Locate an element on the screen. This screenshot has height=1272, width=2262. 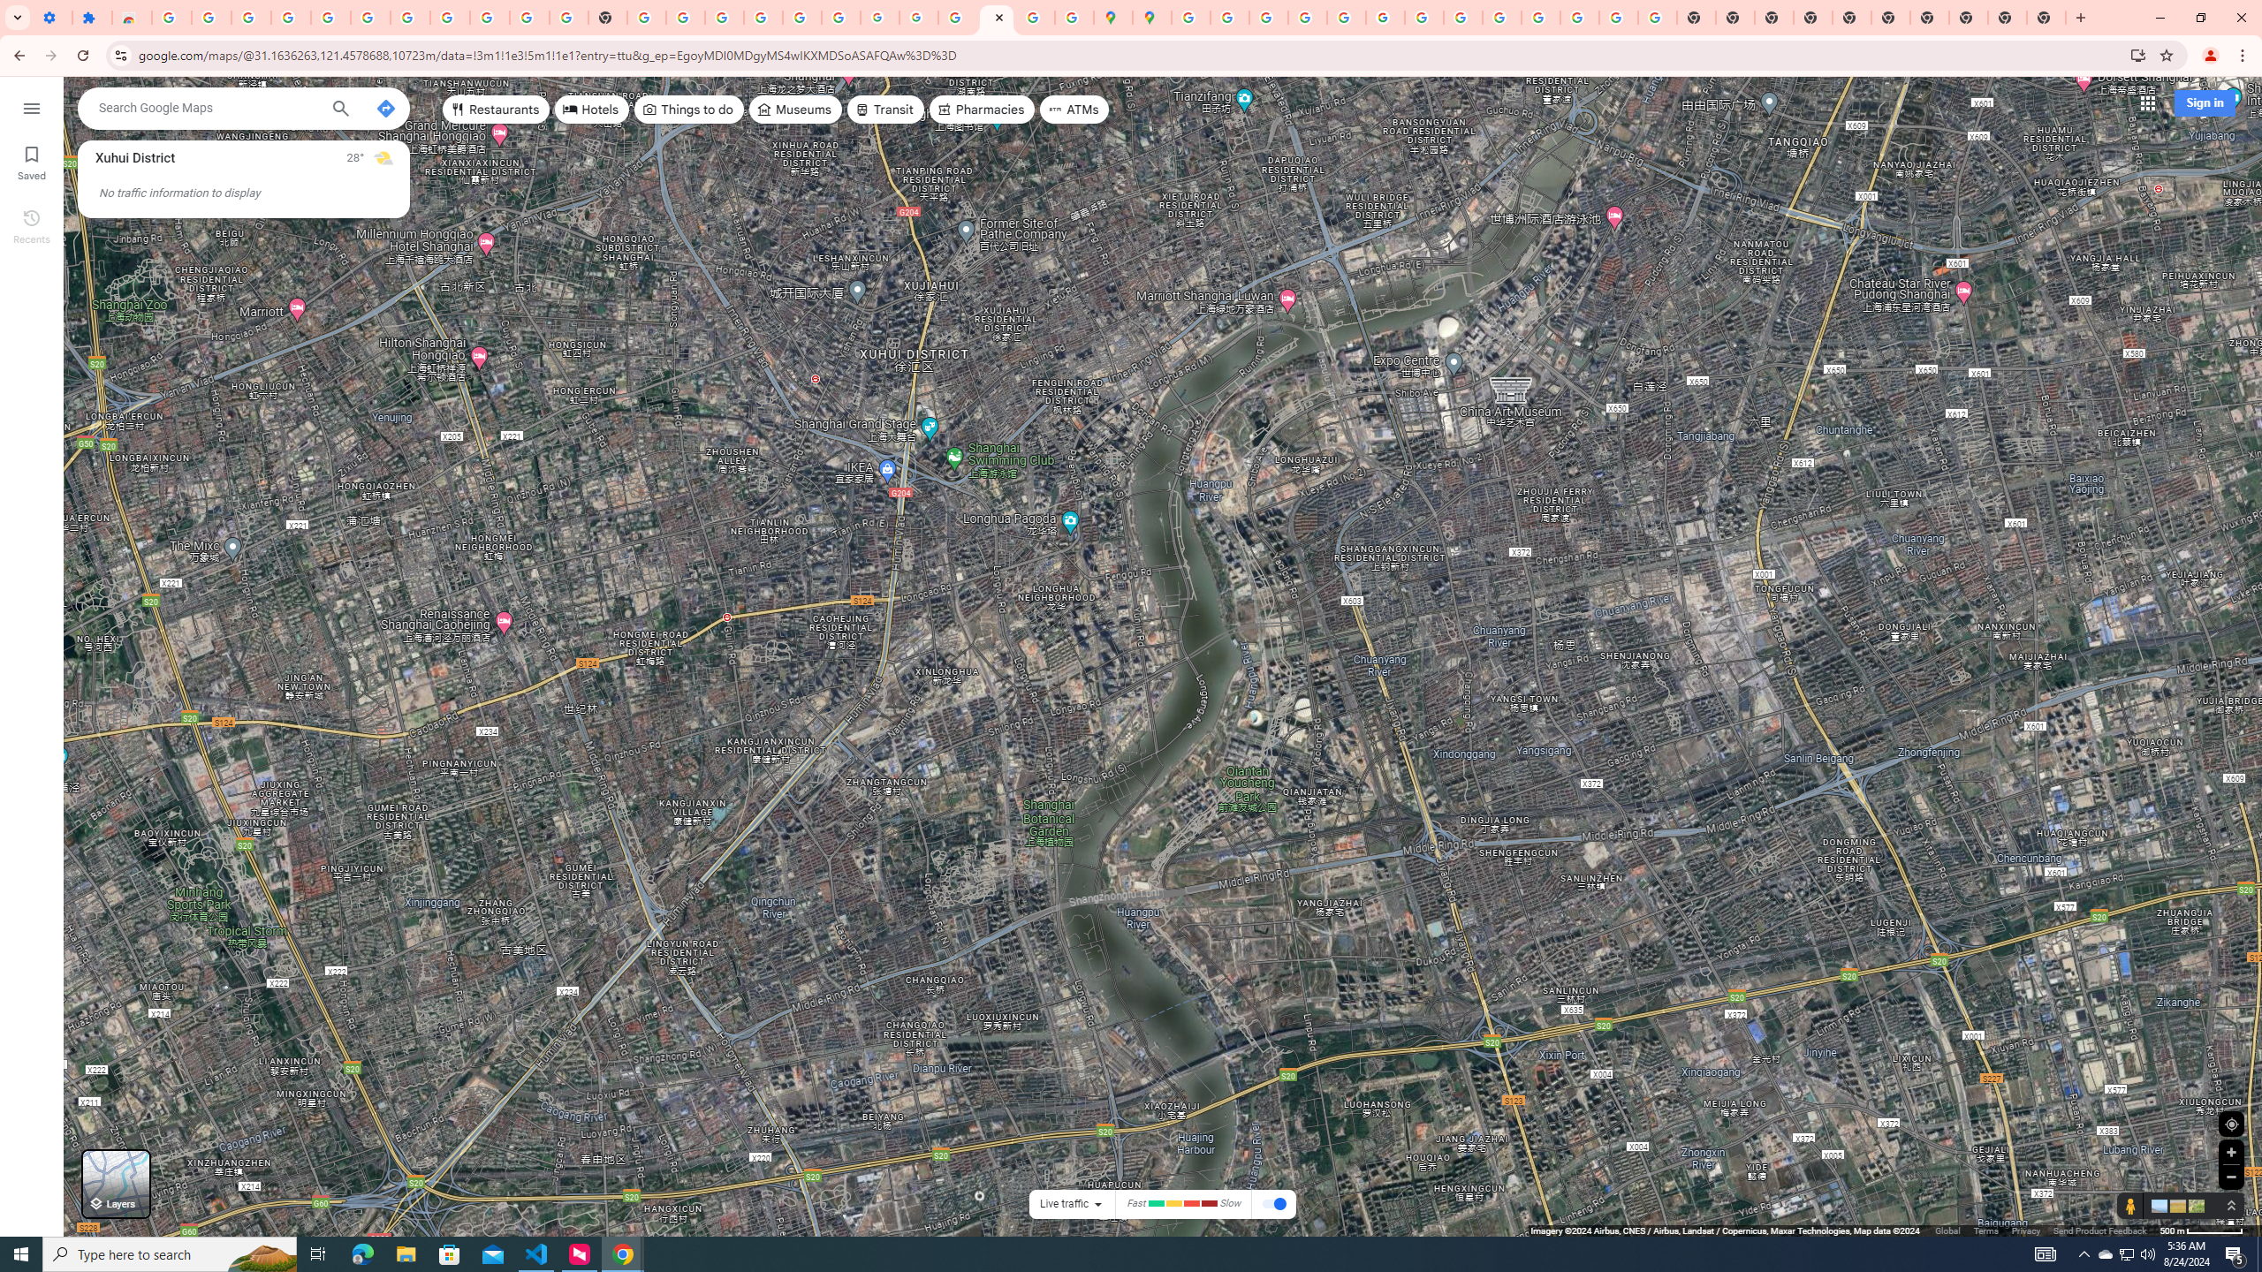
' Show traffic ' is located at coordinates (1274, 1204).